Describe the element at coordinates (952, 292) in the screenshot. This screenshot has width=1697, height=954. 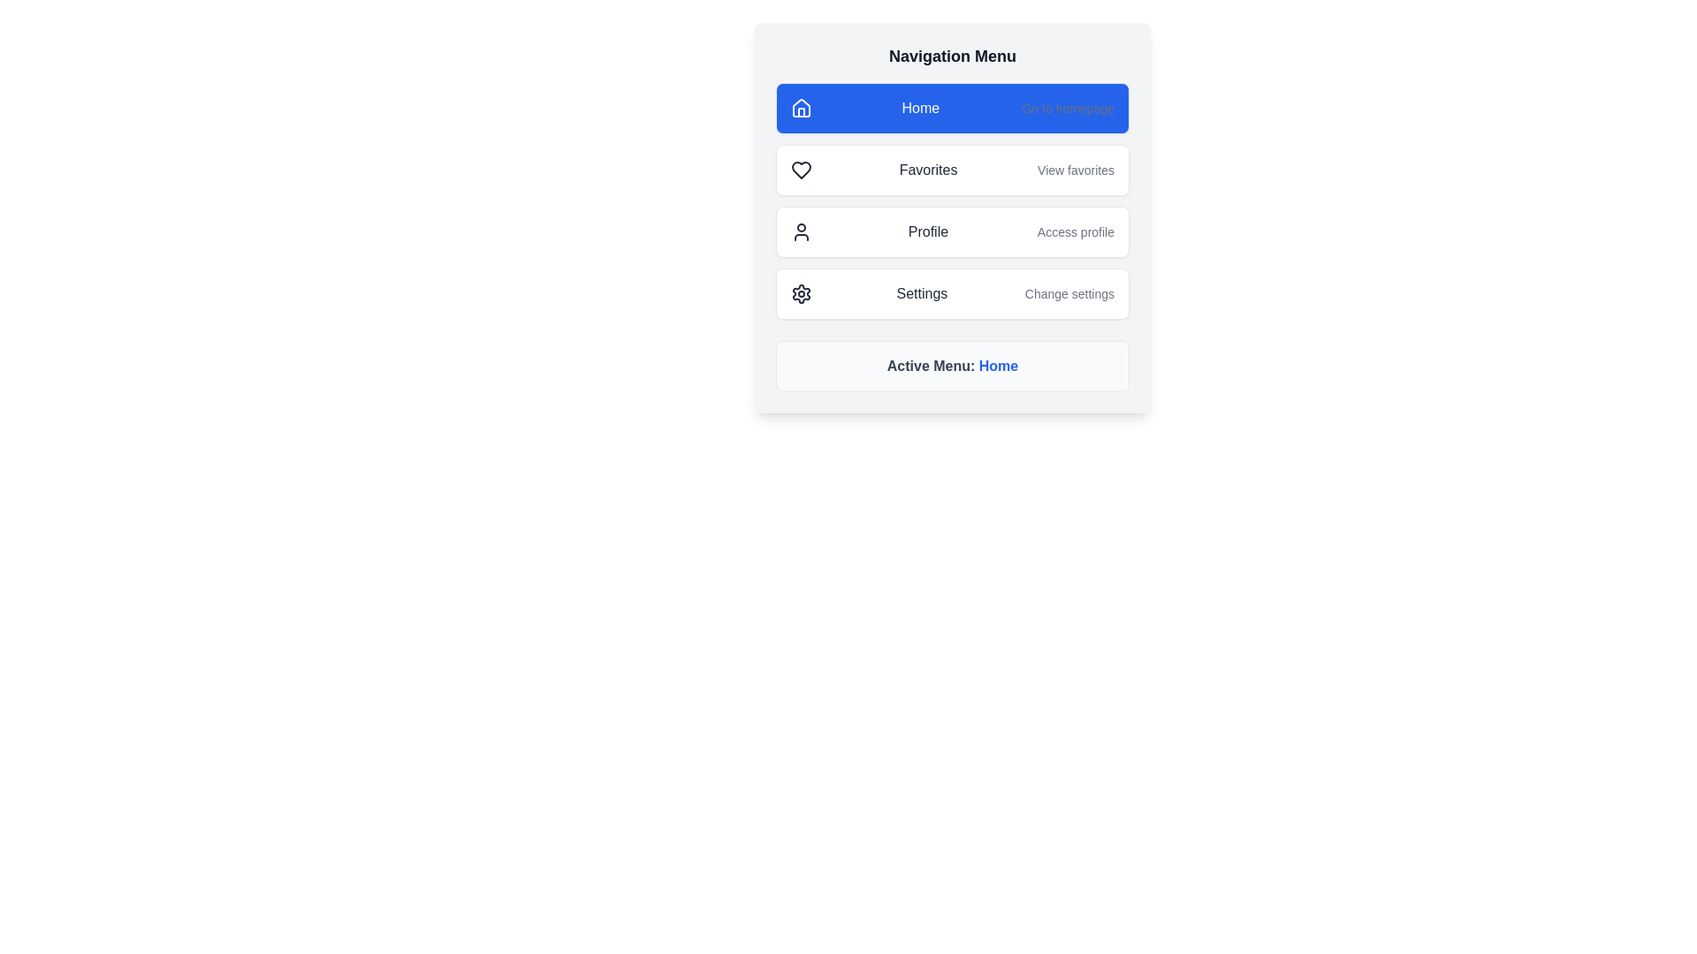
I see `the settings button located in the fourth position of the navigation menu` at that location.